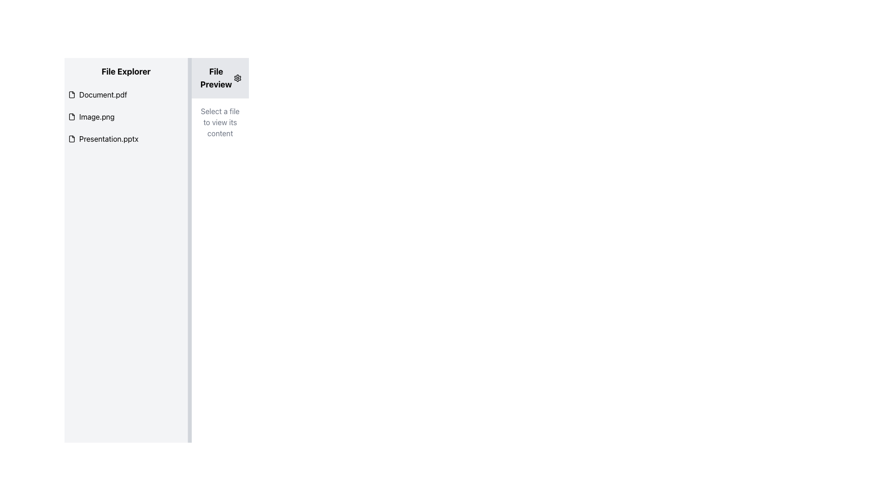 This screenshot has height=497, width=885. What do you see at coordinates (97, 116) in the screenshot?
I see `the text label displaying 'Image.png', which is the second item in the vertical list of file entries in the 'File Explorer' section` at bounding box center [97, 116].